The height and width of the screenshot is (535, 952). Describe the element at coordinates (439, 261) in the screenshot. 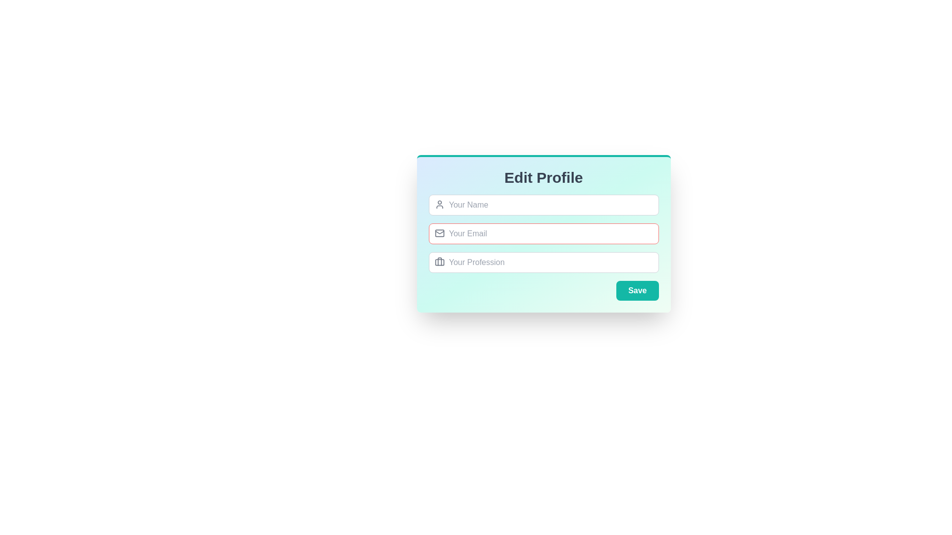

I see `the briefcase icon located within the 'Your Profession' input field in the 'Edit Profile' form` at that location.